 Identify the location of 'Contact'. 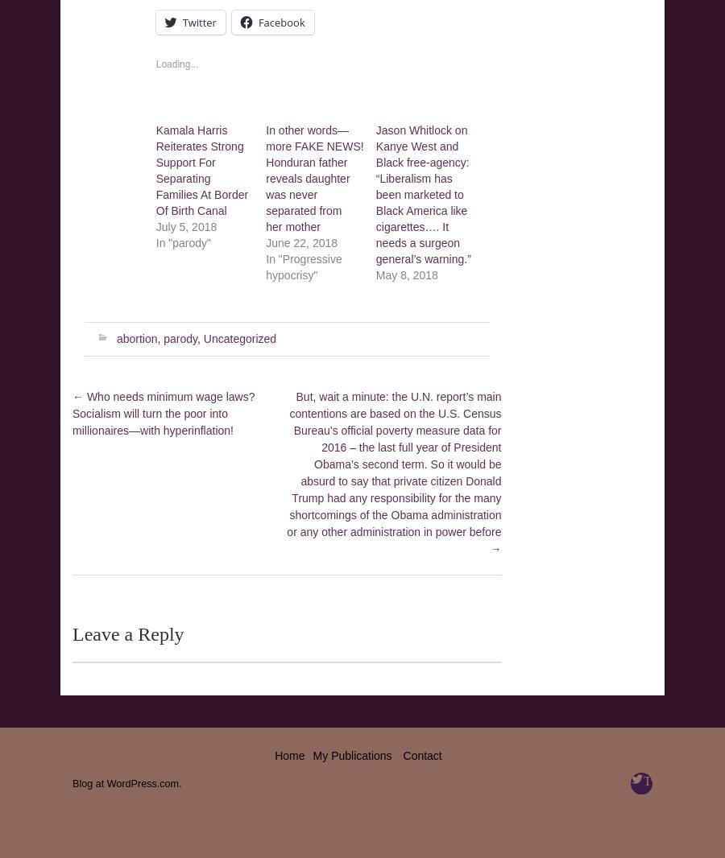
(420, 754).